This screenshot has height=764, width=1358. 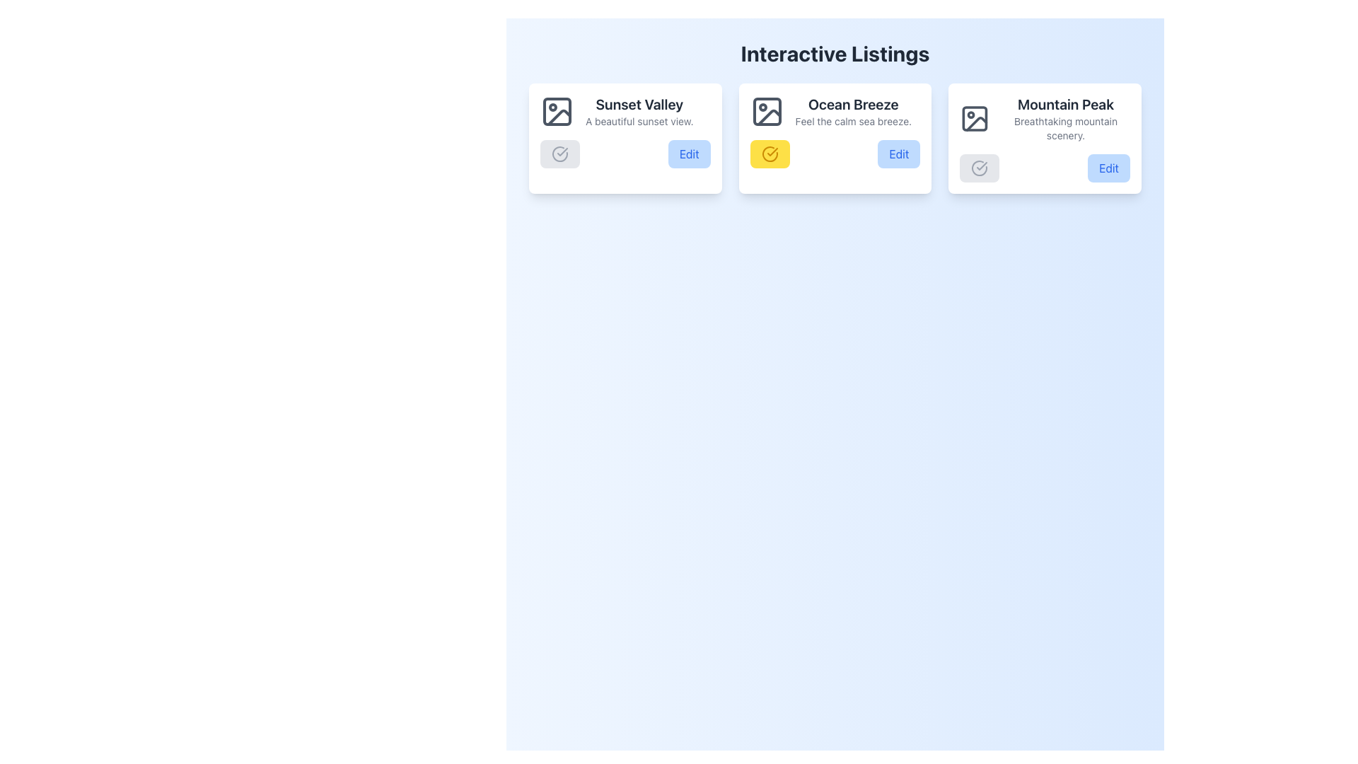 What do you see at coordinates (835, 111) in the screenshot?
I see `the second card in a grid layout that contains text and an icon, providing a title and subtitle for user information` at bounding box center [835, 111].